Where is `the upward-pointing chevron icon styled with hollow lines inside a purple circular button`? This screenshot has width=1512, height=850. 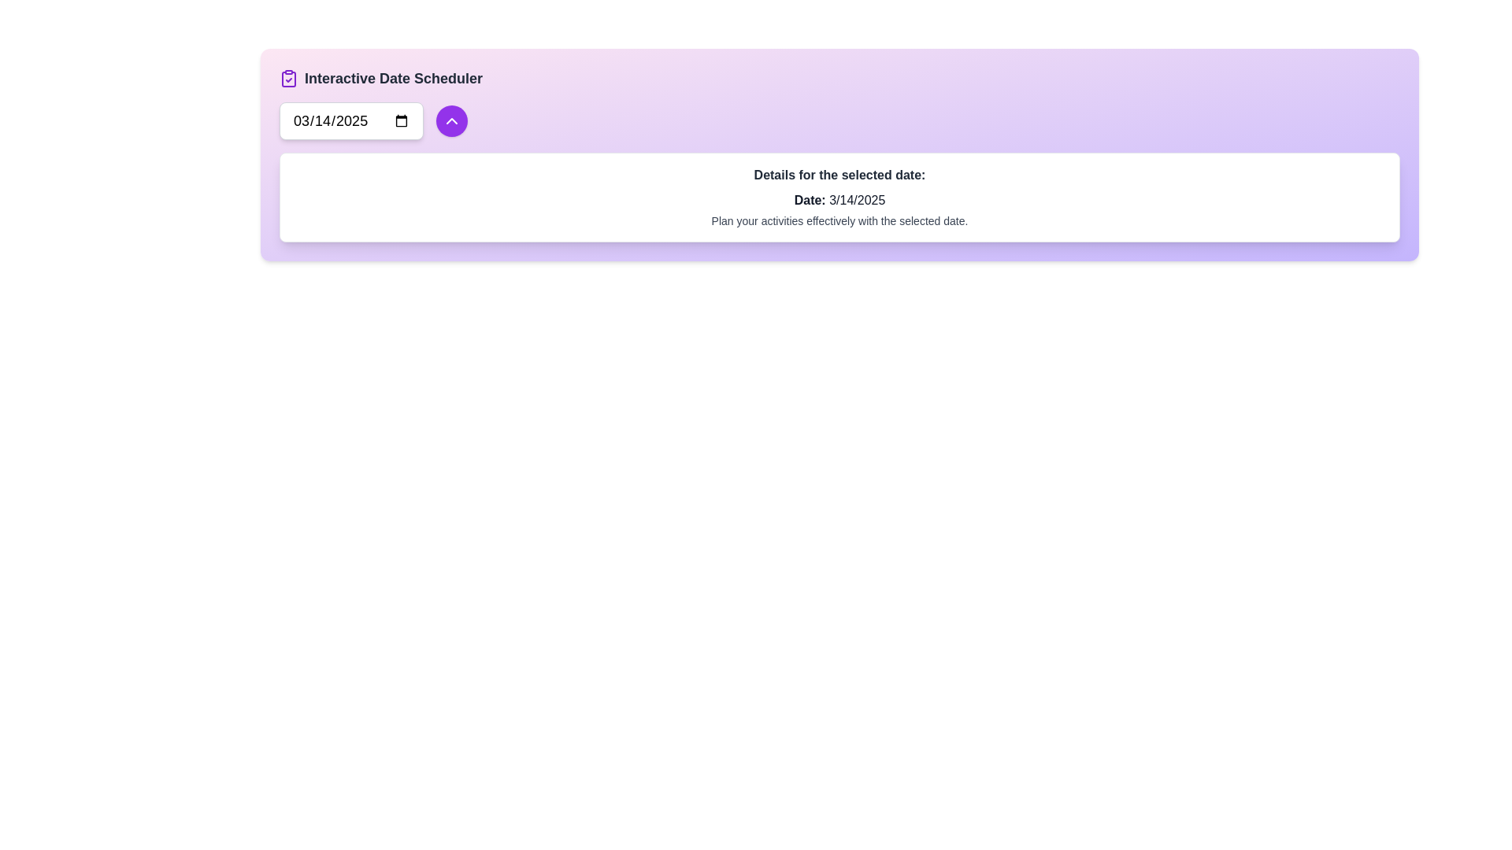
the upward-pointing chevron icon styled with hollow lines inside a purple circular button is located at coordinates (451, 120).